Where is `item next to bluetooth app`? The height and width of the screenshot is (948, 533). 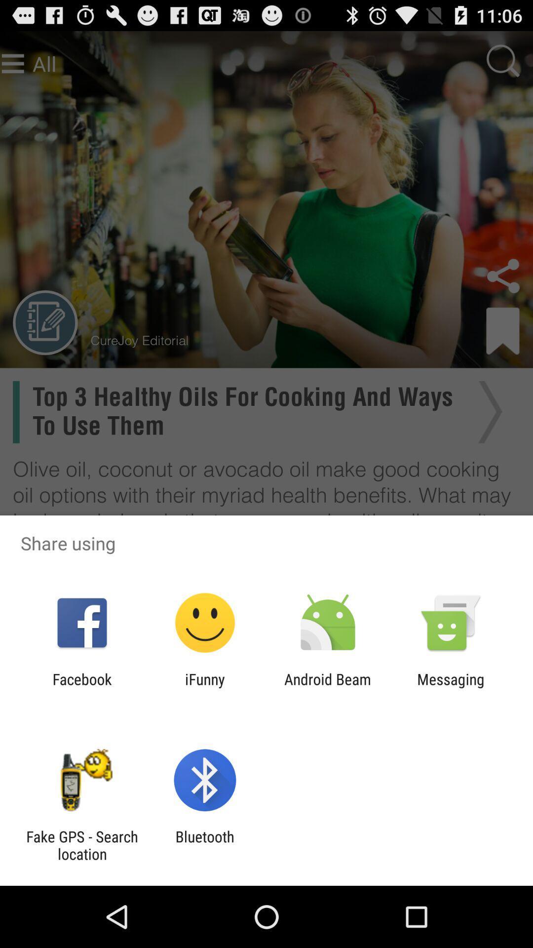 item next to bluetooth app is located at coordinates (81, 845).